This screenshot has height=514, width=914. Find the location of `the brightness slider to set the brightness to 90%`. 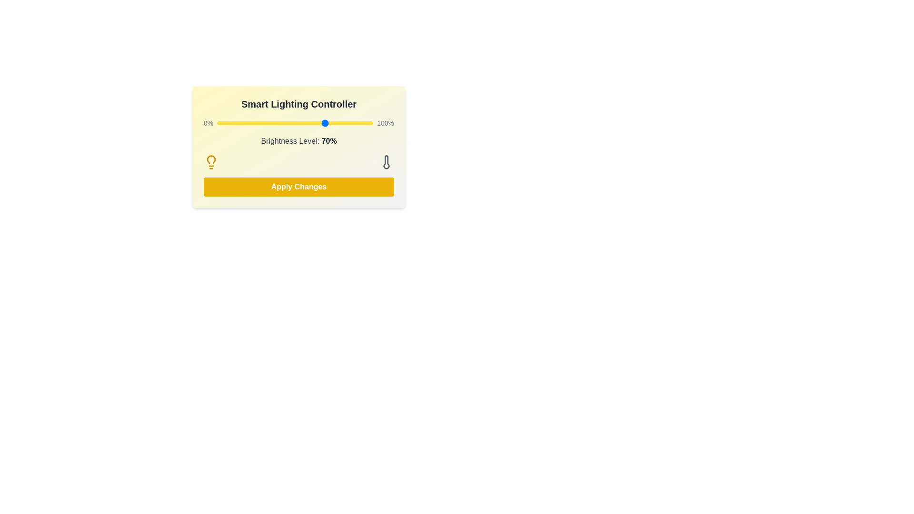

the brightness slider to set the brightness to 90% is located at coordinates (357, 122).